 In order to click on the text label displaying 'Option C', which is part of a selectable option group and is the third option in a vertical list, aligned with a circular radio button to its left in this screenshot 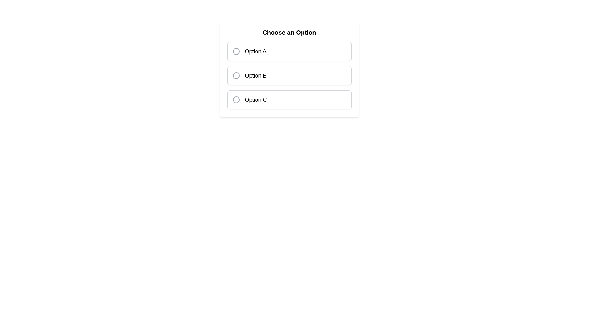, I will do `click(256, 99)`.